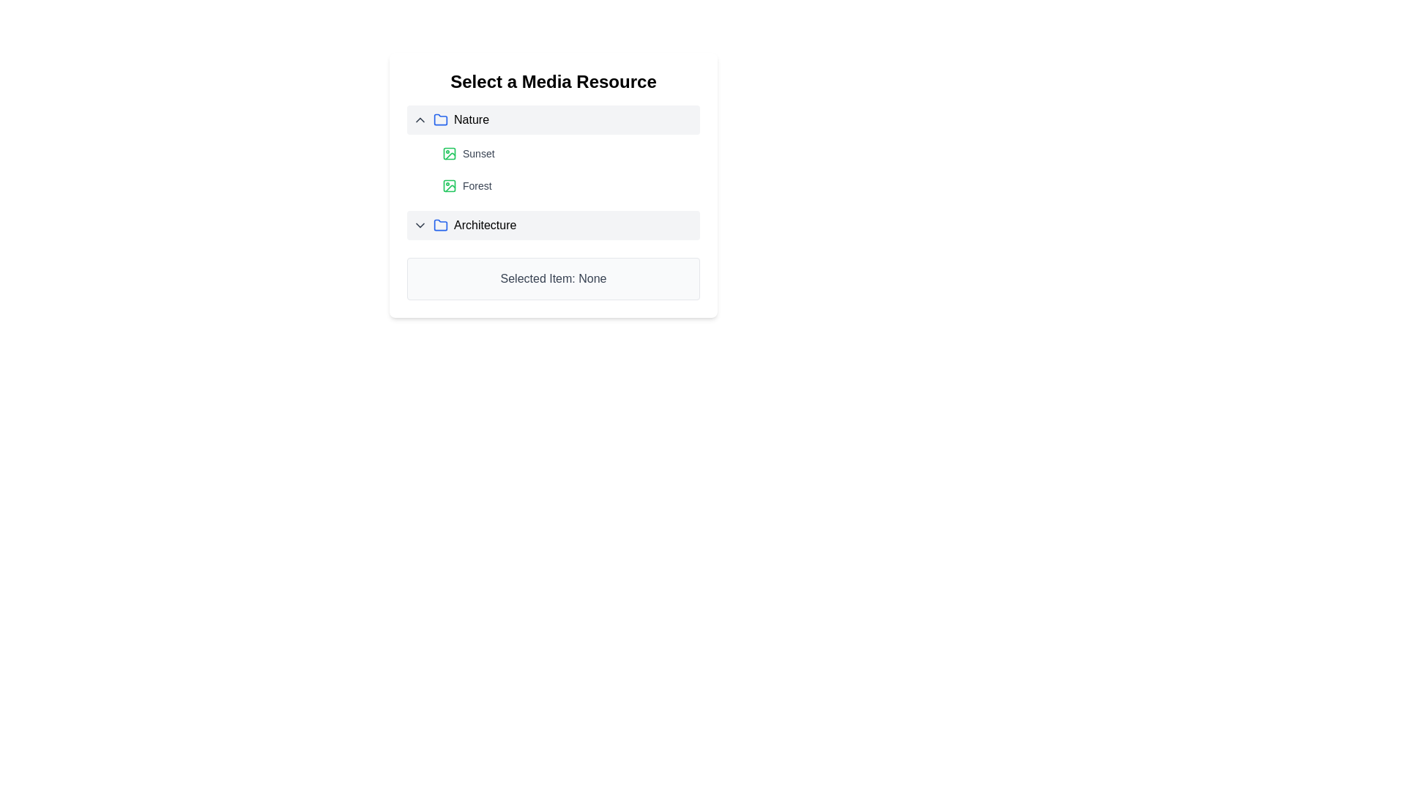 The image size is (1406, 791). What do you see at coordinates (449, 185) in the screenshot?
I see `the green-tinted square-shaped icon with rounded corners that contains a small circle and an angled line, located to the left of the text 'Forest' in the 'Nature' section` at bounding box center [449, 185].